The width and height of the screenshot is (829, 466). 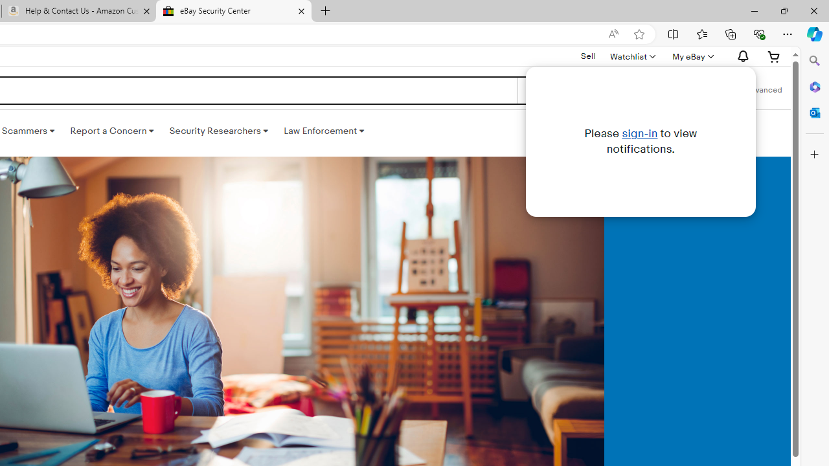 I want to click on 'WatchlistExpand Watch List', so click(x=632, y=56).